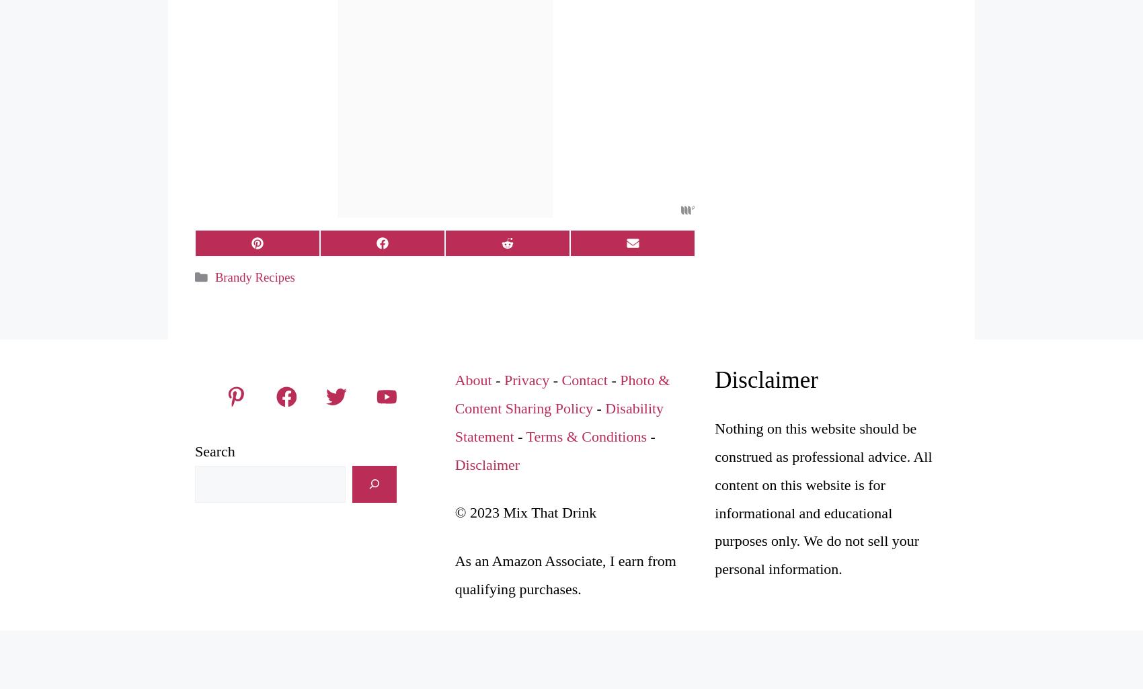 This screenshot has width=1143, height=689. I want to click on 'Privacy', so click(526, 380).